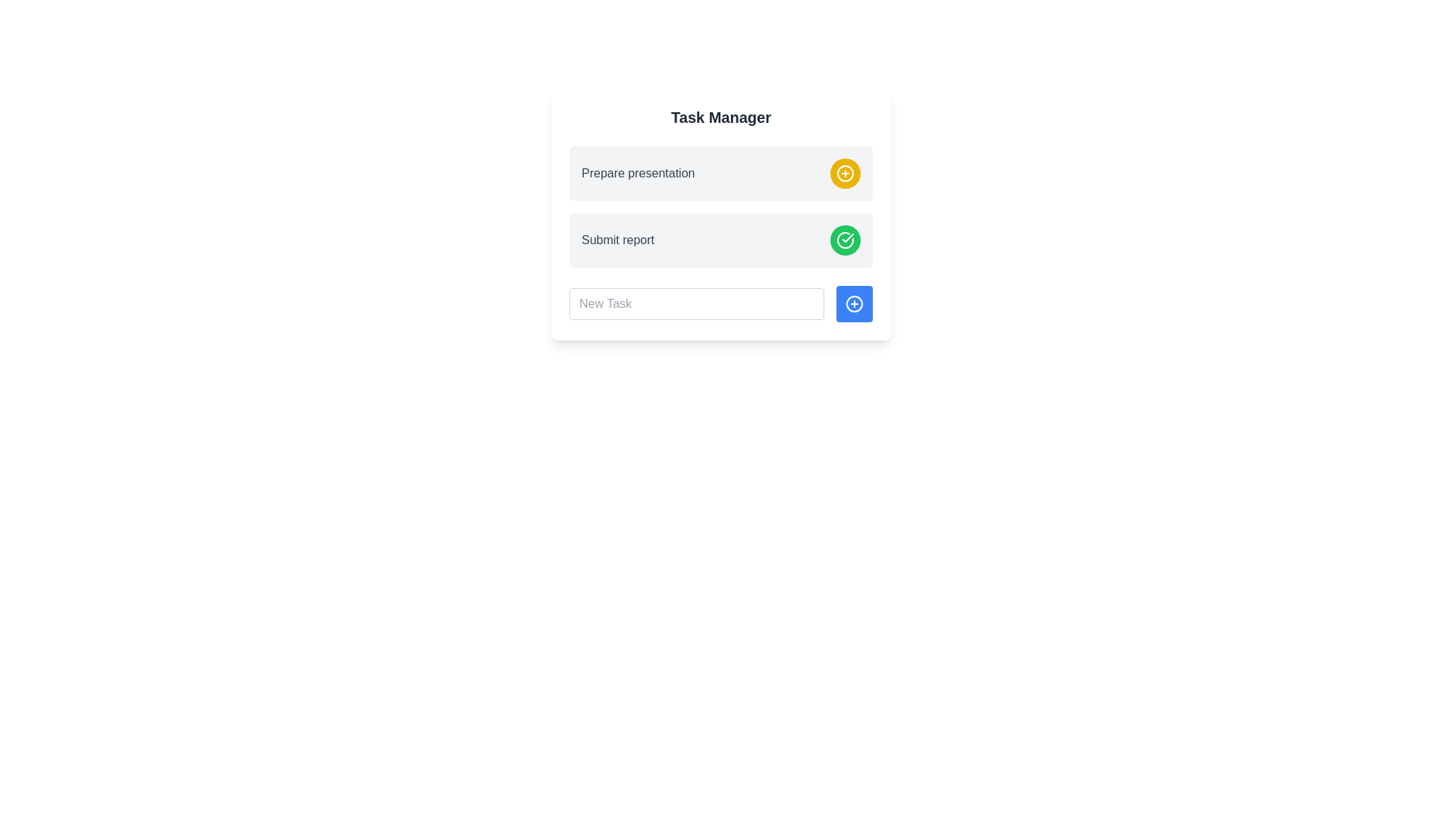  What do you see at coordinates (618, 239) in the screenshot?
I see `the text label 'Submit report' to initiate the action` at bounding box center [618, 239].